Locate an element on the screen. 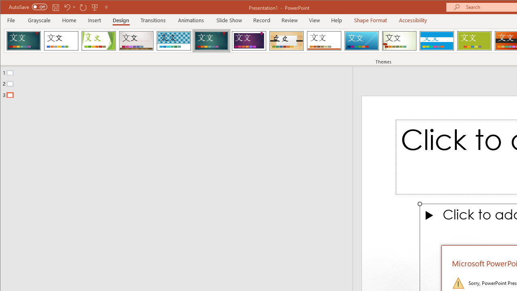 The width and height of the screenshot is (517, 291). 'Outline' is located at coordinates (179, 82).